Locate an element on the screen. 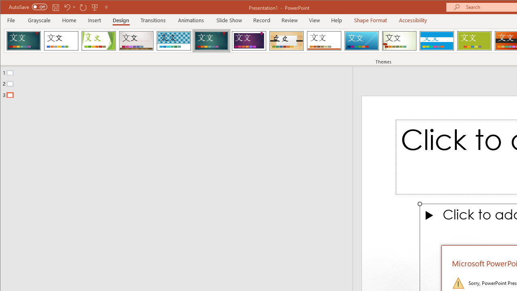 The width and height of the screenshot is (517, 291). 'Outline' is located at coordinates (179, 82).